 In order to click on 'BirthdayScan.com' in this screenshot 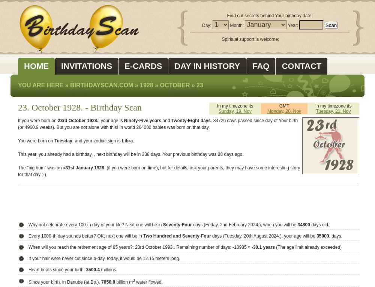, I will do `click(102, 85)`.